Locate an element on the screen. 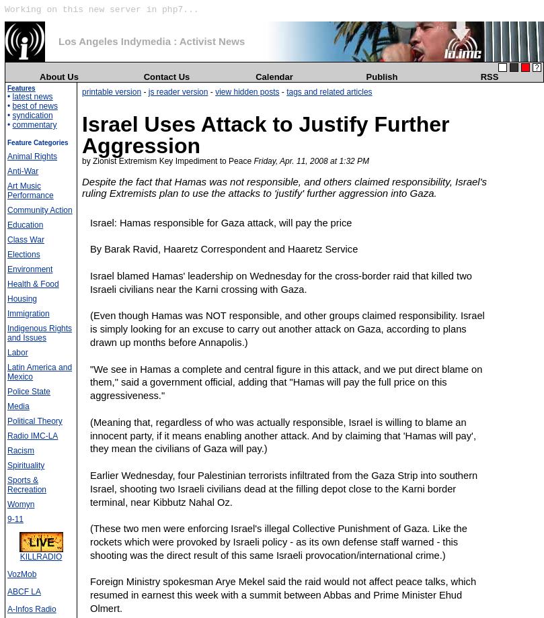  'printable version' is located at coordinates (81, 91).